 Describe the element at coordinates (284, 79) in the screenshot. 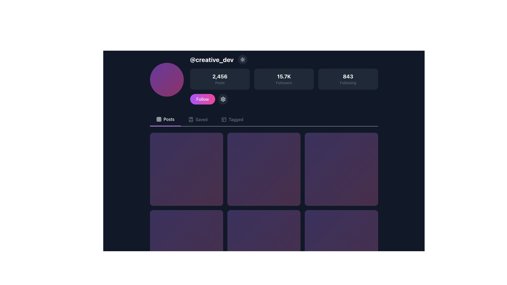

I see `the Text block displaying '15.7K Followers', which is the second element in a grid layout, characterized by a dark grey rounded background and bold numeric count` at that location.